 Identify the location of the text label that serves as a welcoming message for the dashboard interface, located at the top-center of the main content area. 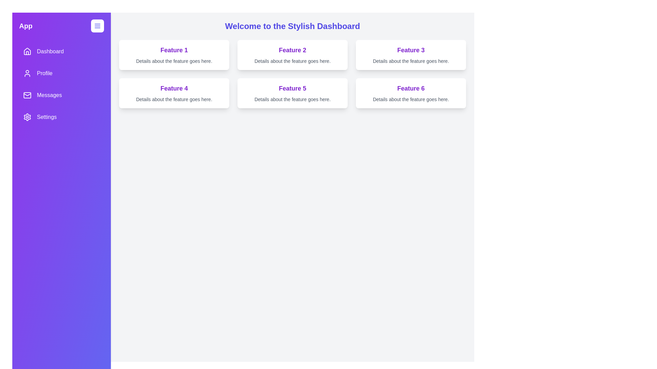
(292, 26).